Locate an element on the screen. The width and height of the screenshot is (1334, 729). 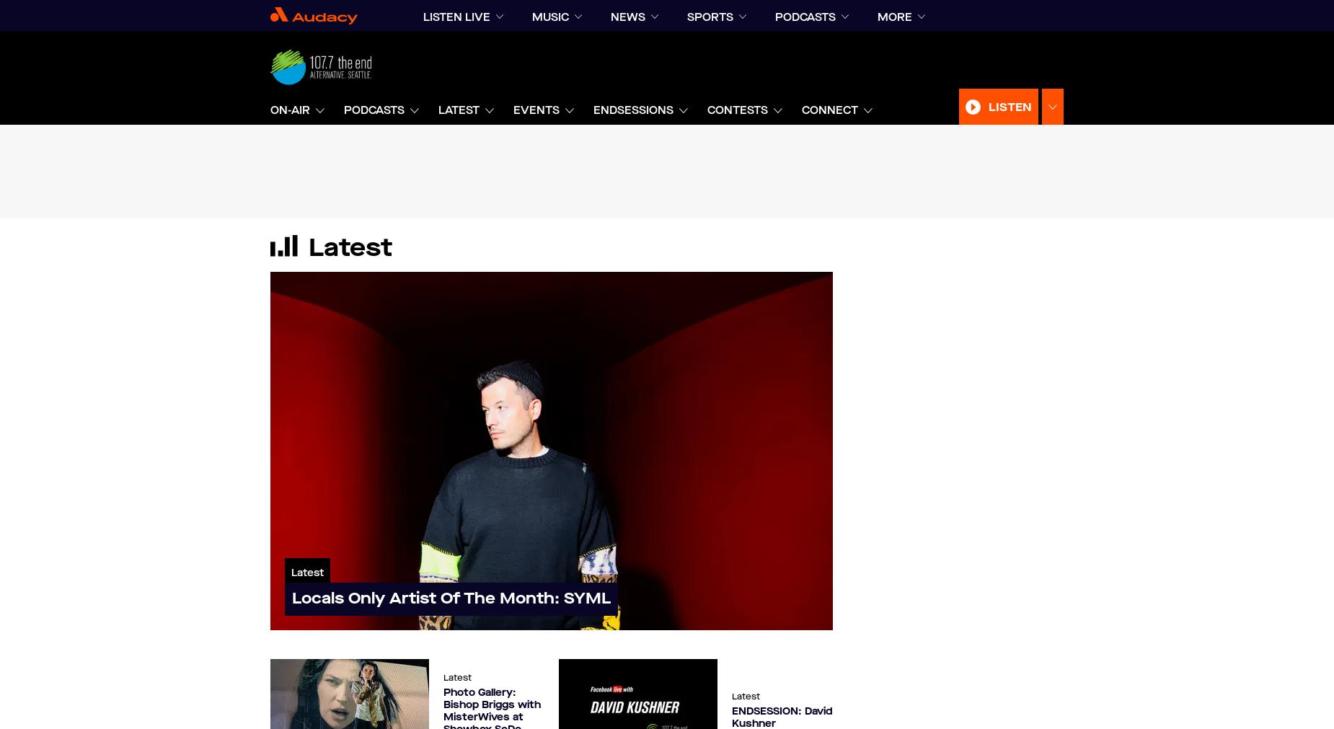
'Events' is located at coordinates (513, 109).